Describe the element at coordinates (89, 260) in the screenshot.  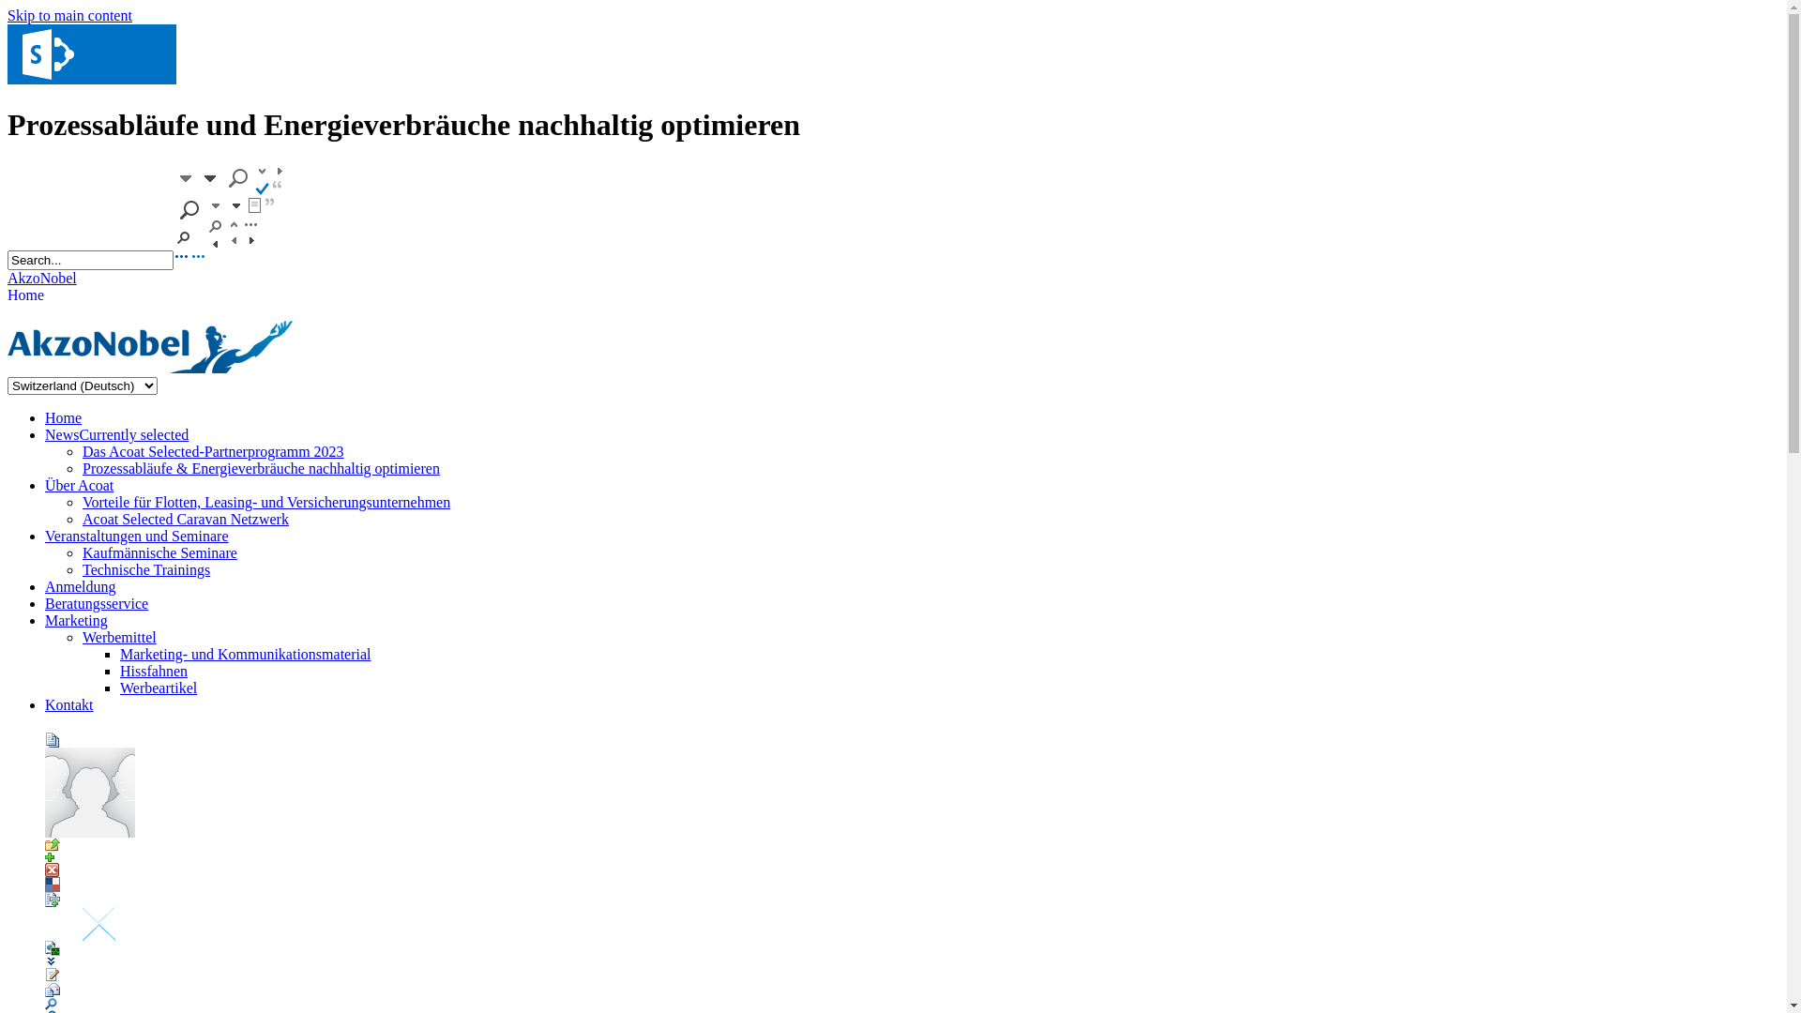
I see `'Search...'` at that location.